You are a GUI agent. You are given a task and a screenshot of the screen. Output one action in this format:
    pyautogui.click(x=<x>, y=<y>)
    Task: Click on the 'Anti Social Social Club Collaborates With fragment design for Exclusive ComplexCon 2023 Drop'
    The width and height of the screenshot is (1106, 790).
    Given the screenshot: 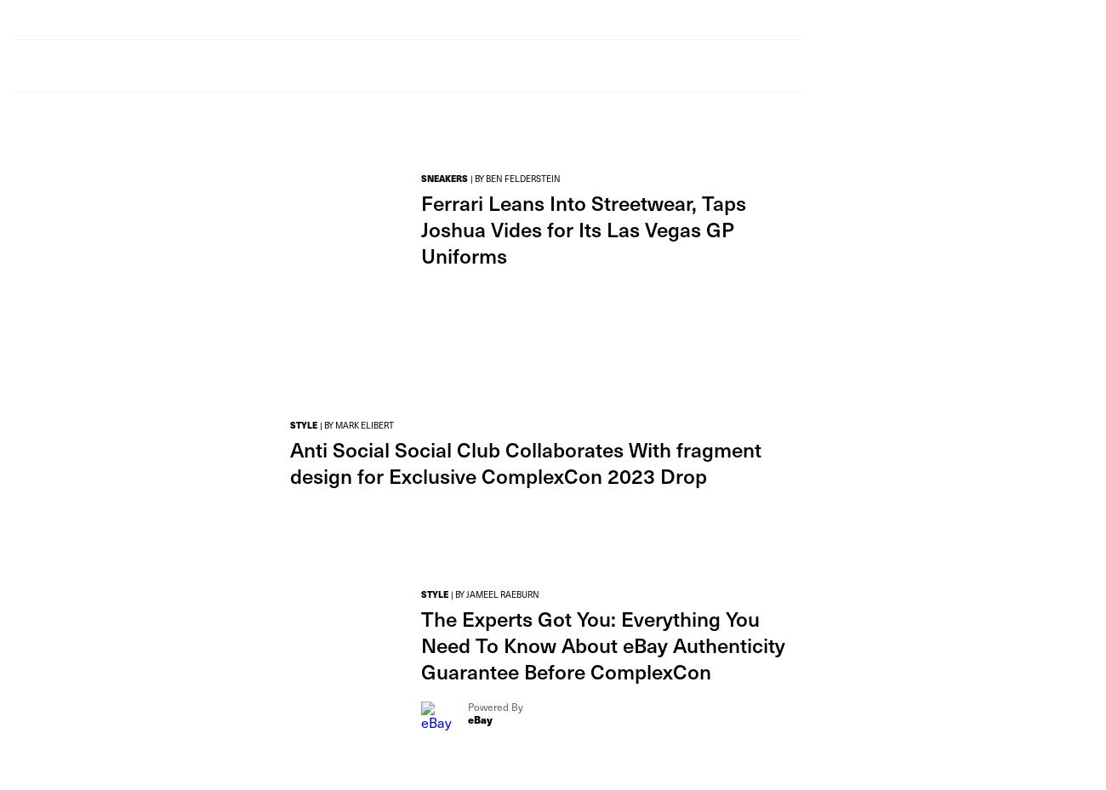 What is the action you would take?
    pyautogui.click(x=526, y=461)
    